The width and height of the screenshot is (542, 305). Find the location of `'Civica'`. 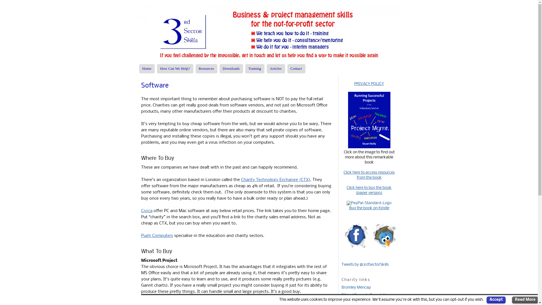

'Civica' is located at coordinates (147, 211).